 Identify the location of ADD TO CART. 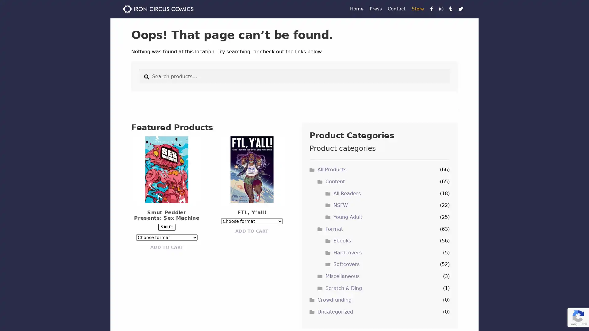
(166, 247).